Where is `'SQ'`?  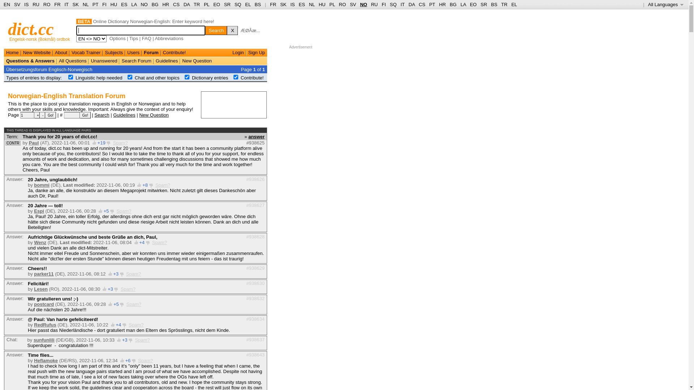 'SQ' is located at coordinates (234, 4).